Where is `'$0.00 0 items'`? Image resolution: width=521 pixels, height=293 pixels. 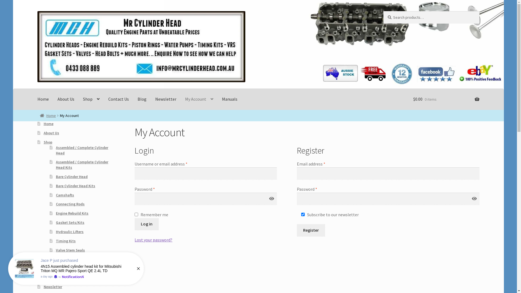 '$0.00 0 items' is located at coordinates (446, 99).